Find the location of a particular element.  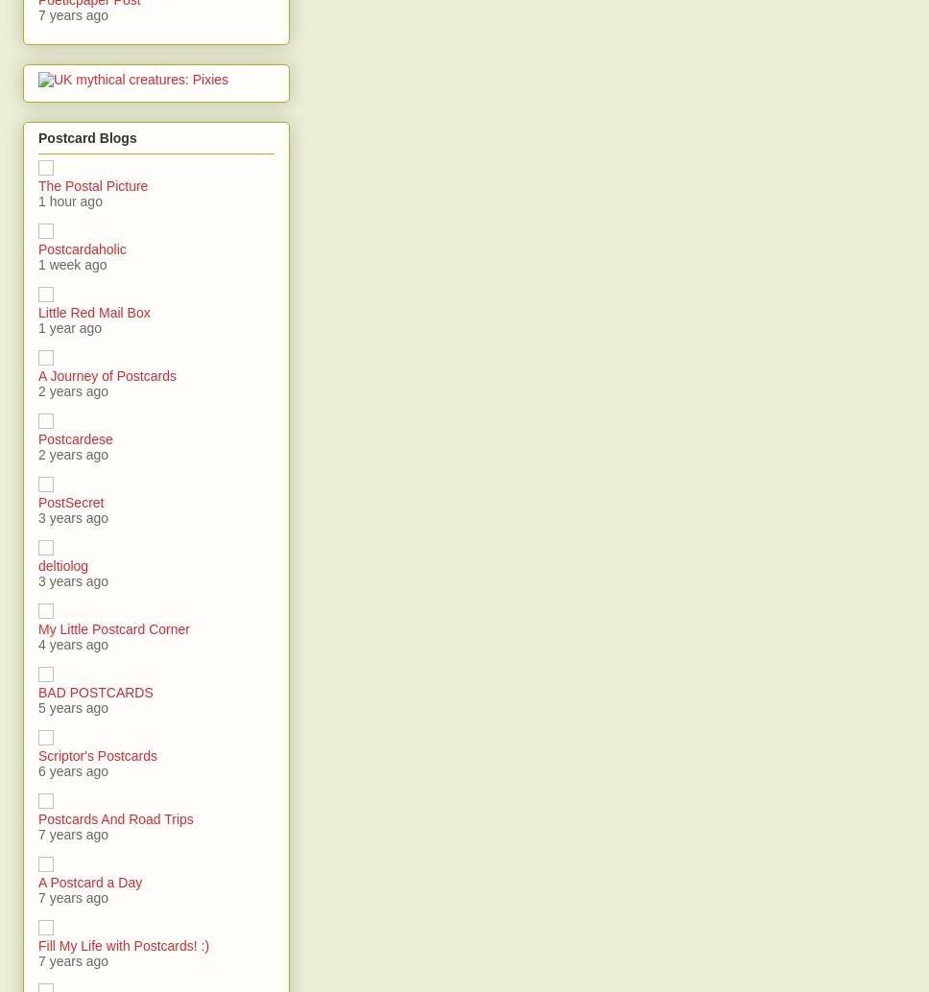

'1 year ago' is located at coordinates (68, 327).